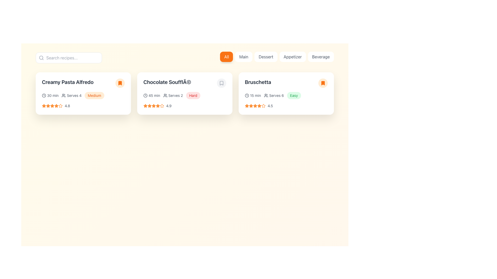 This screenshot has width=497, height=279. Describe the element at coordinates (320, 57) in the screenshot. I see `the 'Beverage' filter button in the top-right horizontal menu bar` at that location.